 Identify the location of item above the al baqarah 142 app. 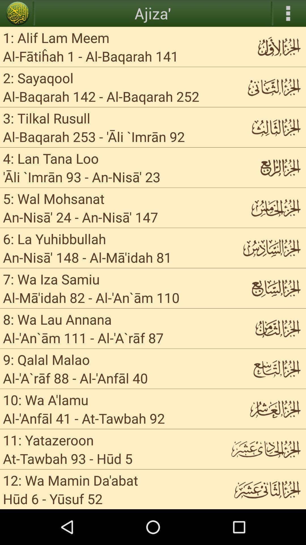
(38, 77).